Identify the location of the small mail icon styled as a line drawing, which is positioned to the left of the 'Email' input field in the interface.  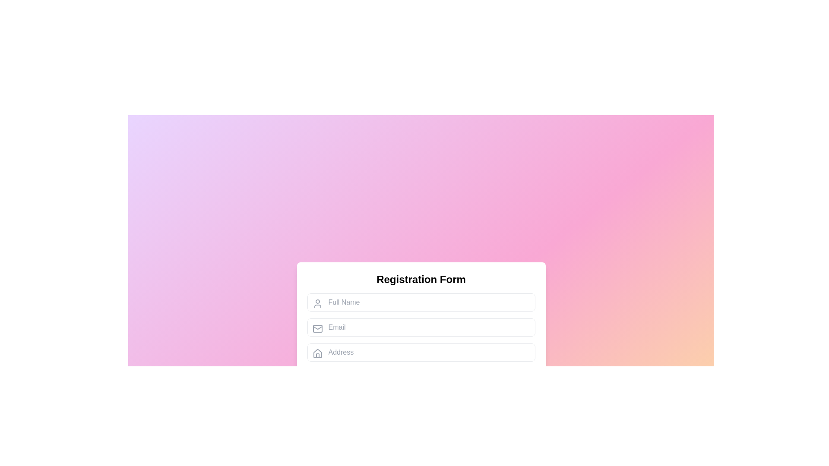
(317, 328).